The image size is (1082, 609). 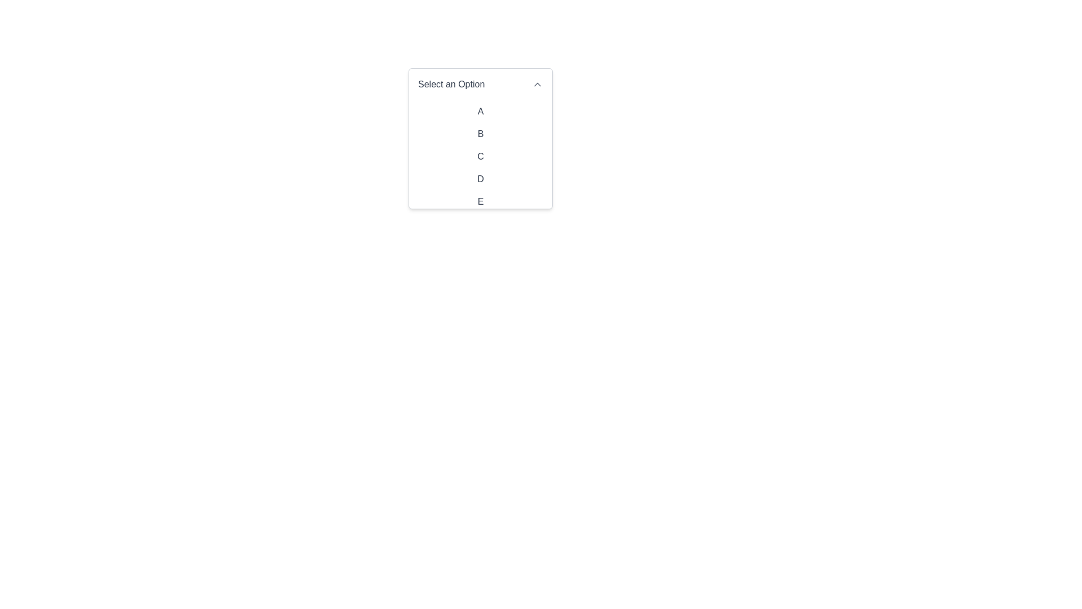 I want to click on the 'B' text option in the dropdown menu, so click(x=481, y=134).